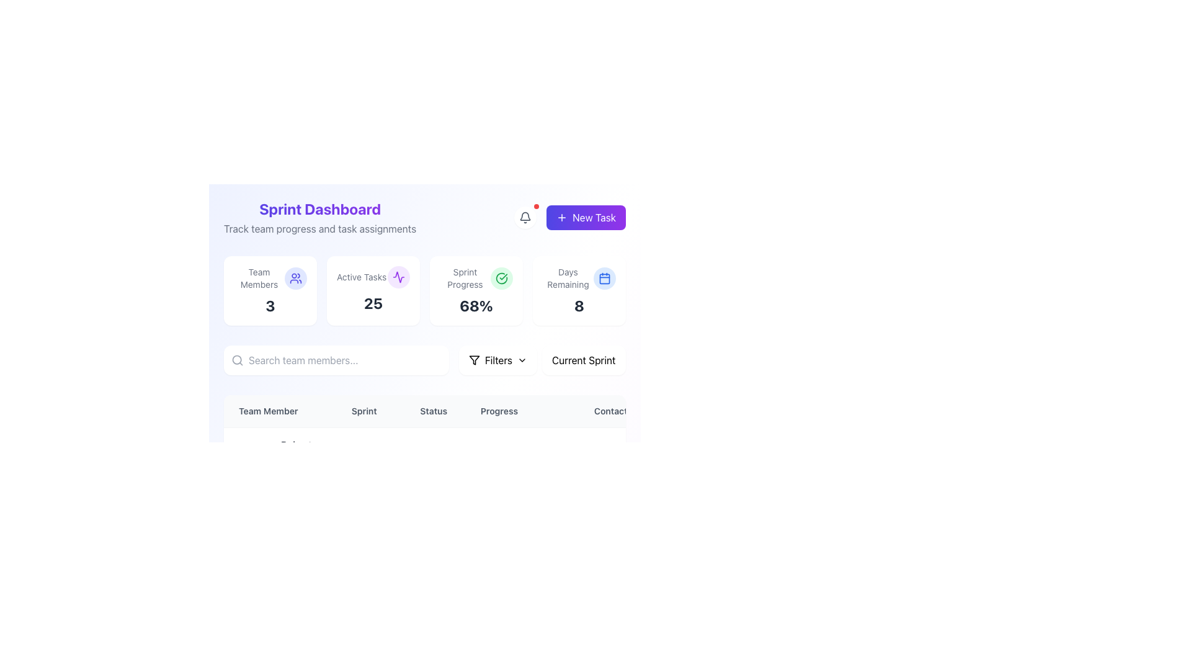 Image resolution: width=1191 pixels, height=670 pixels. I want to click on the horizontal text input box with a light background and a search icon prefix, so click(336, 360).